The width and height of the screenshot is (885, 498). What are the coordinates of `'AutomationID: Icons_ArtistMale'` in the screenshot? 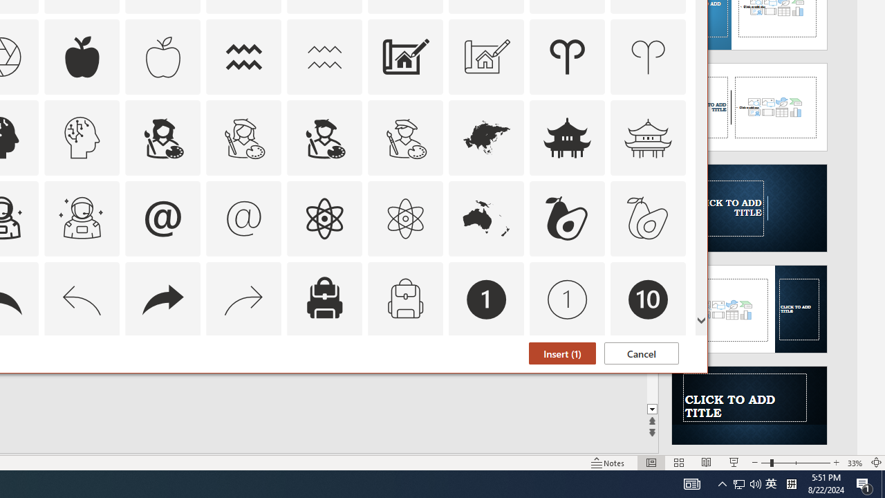 It's located at (324, 137).